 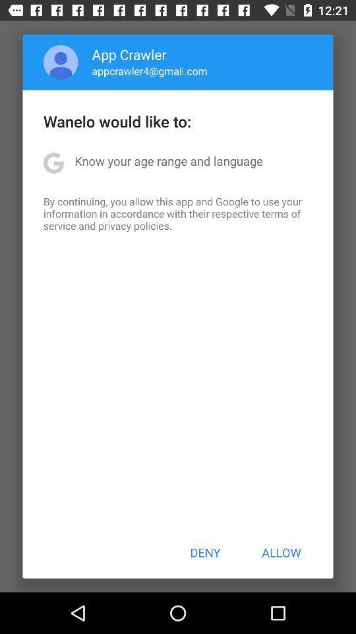 I want to click on the app above the appcrawler4@gmail.com, so click(x=129, y=54).